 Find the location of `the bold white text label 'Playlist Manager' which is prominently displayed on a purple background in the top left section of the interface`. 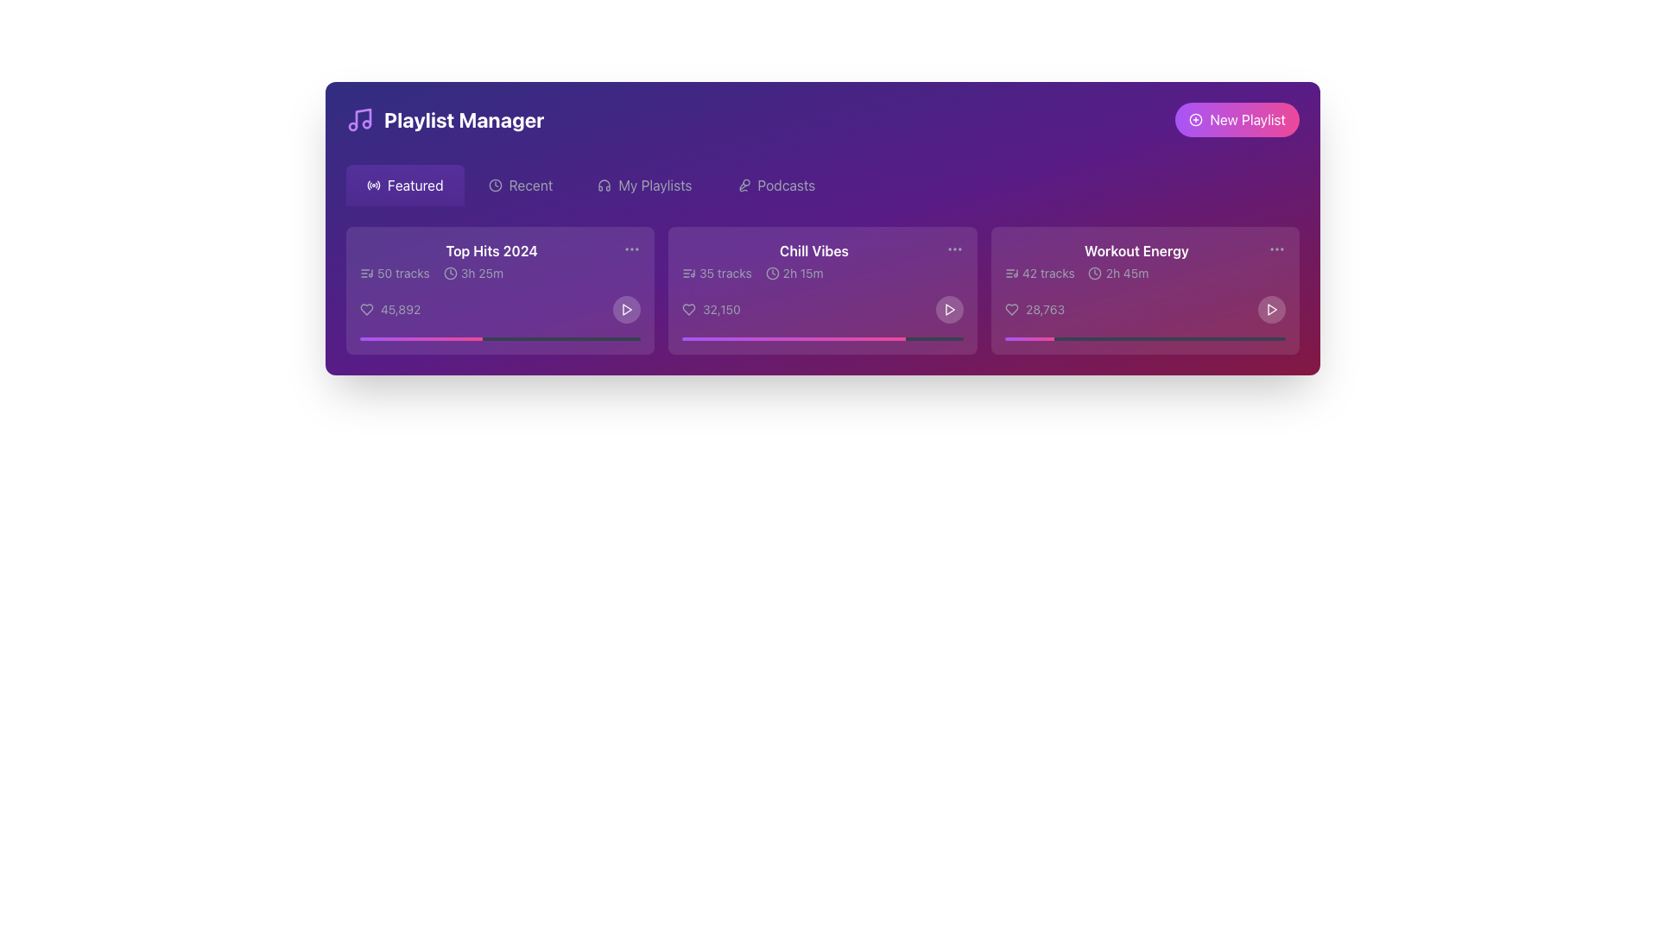

the bold white text label 'Playlist Manager' which is prominently displayed on a purple background in the top left section of the interface is located at coordinates (464, 118).